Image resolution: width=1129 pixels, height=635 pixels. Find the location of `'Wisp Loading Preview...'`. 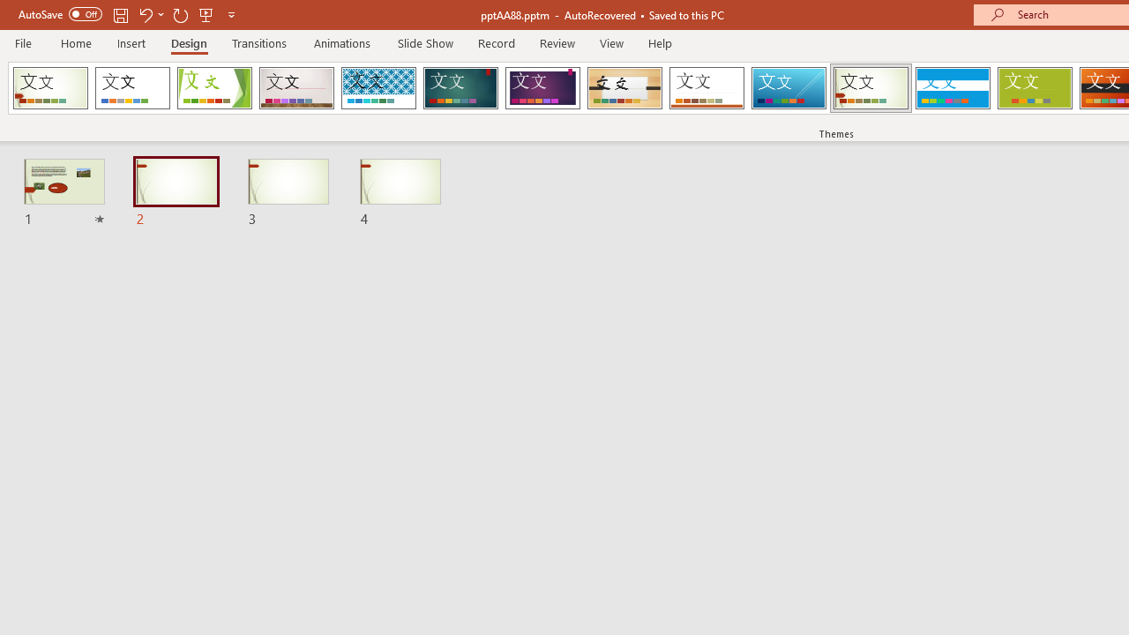

'Wisp Loading Preview...' is located at coordinates (871, 88).